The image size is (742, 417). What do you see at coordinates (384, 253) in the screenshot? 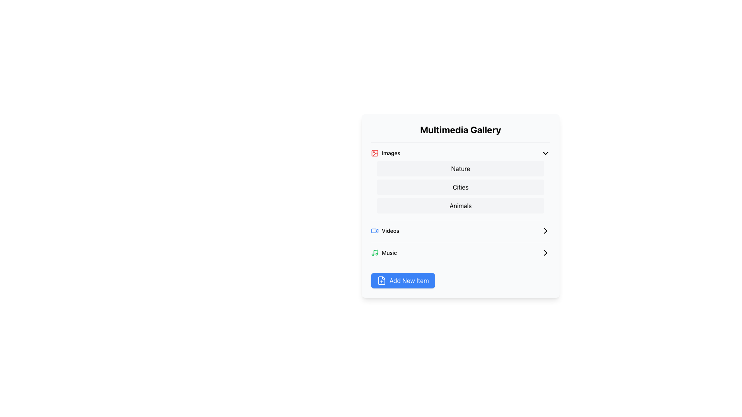
I see `the 'Music' list item in the 'Videos' section` at bounding box center [384, 253].